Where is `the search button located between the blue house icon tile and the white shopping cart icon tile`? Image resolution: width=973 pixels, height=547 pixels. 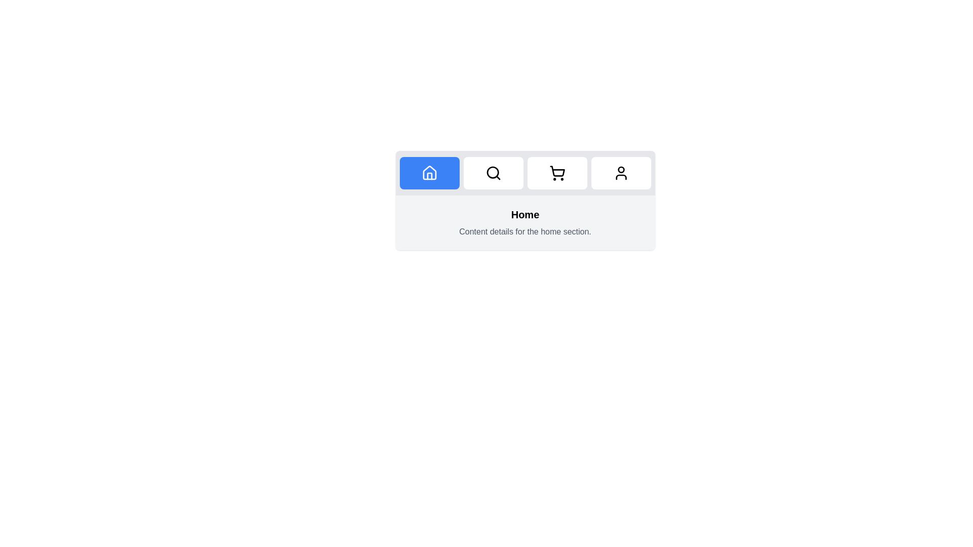
the search button located between the blue house icon tile and the white shopping cart icon tile is located at coordinates (493, 173).